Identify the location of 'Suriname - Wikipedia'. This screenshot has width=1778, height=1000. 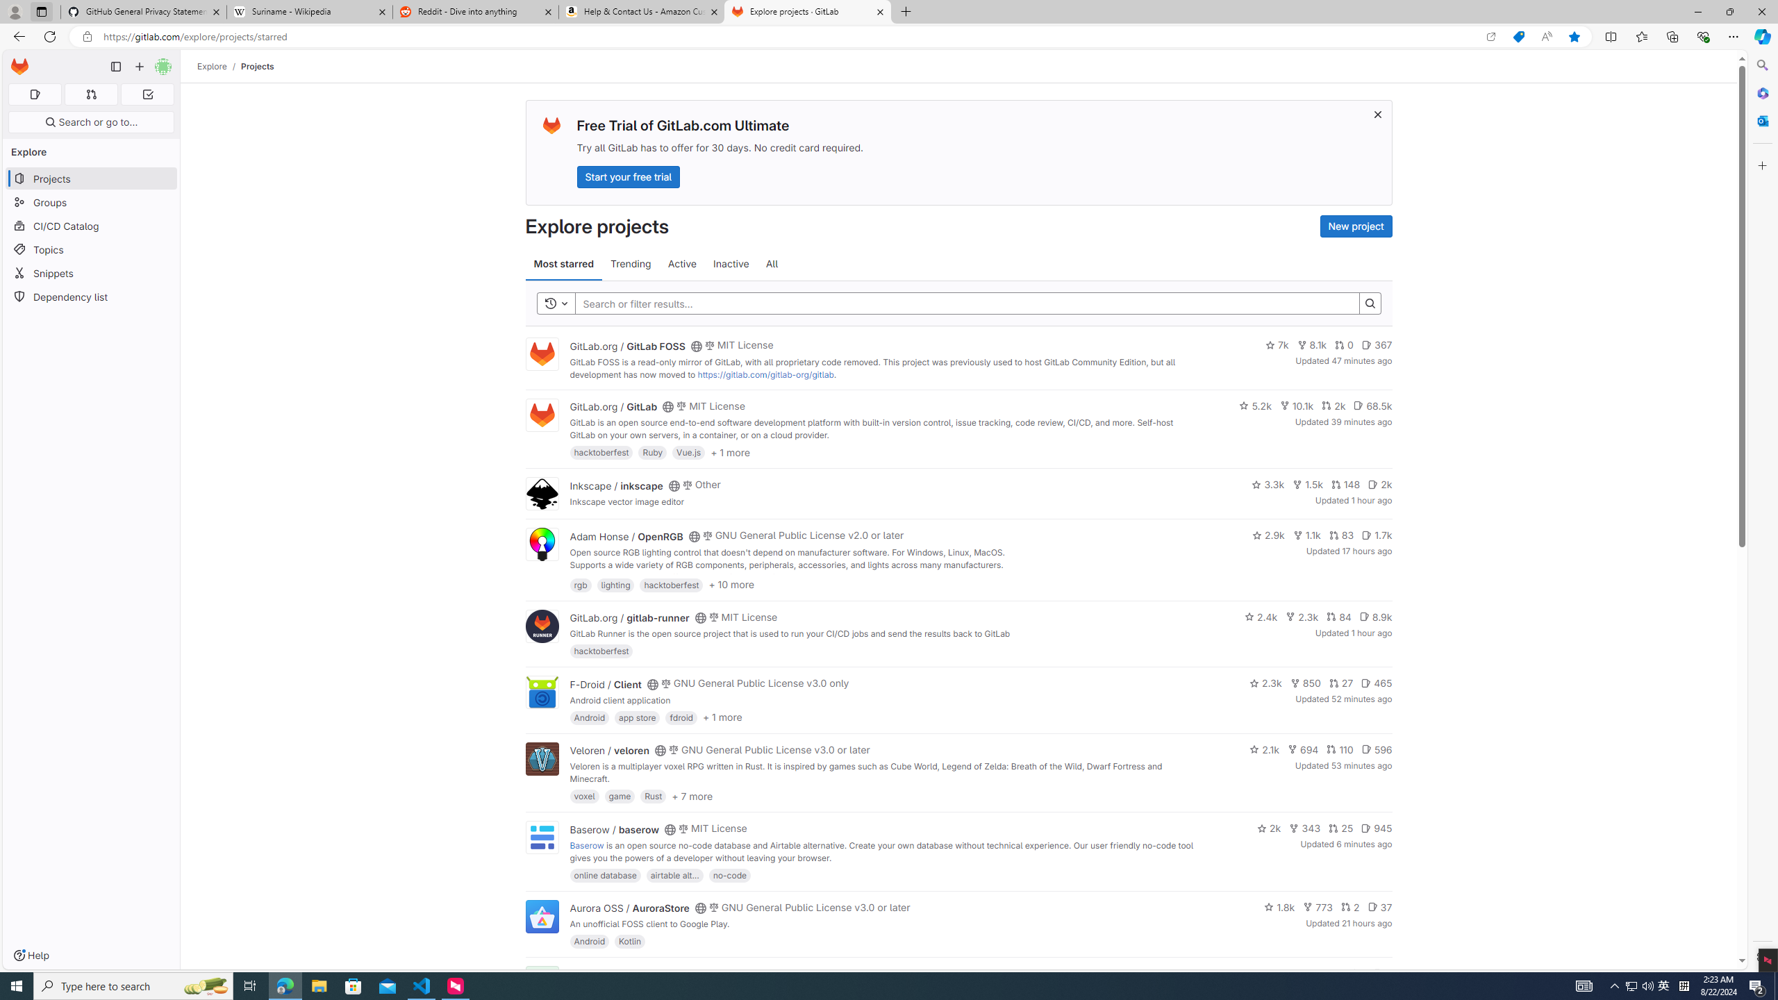
(308, 11).